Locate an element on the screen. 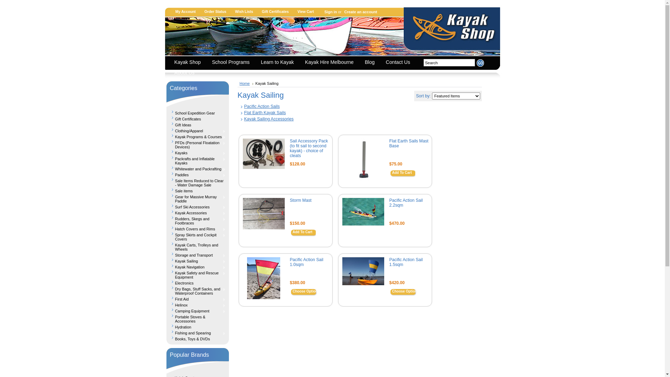 Image resolution: width=670 pixels, height=377 pixels. 'Electronics' is located at coordinates (197, 282).